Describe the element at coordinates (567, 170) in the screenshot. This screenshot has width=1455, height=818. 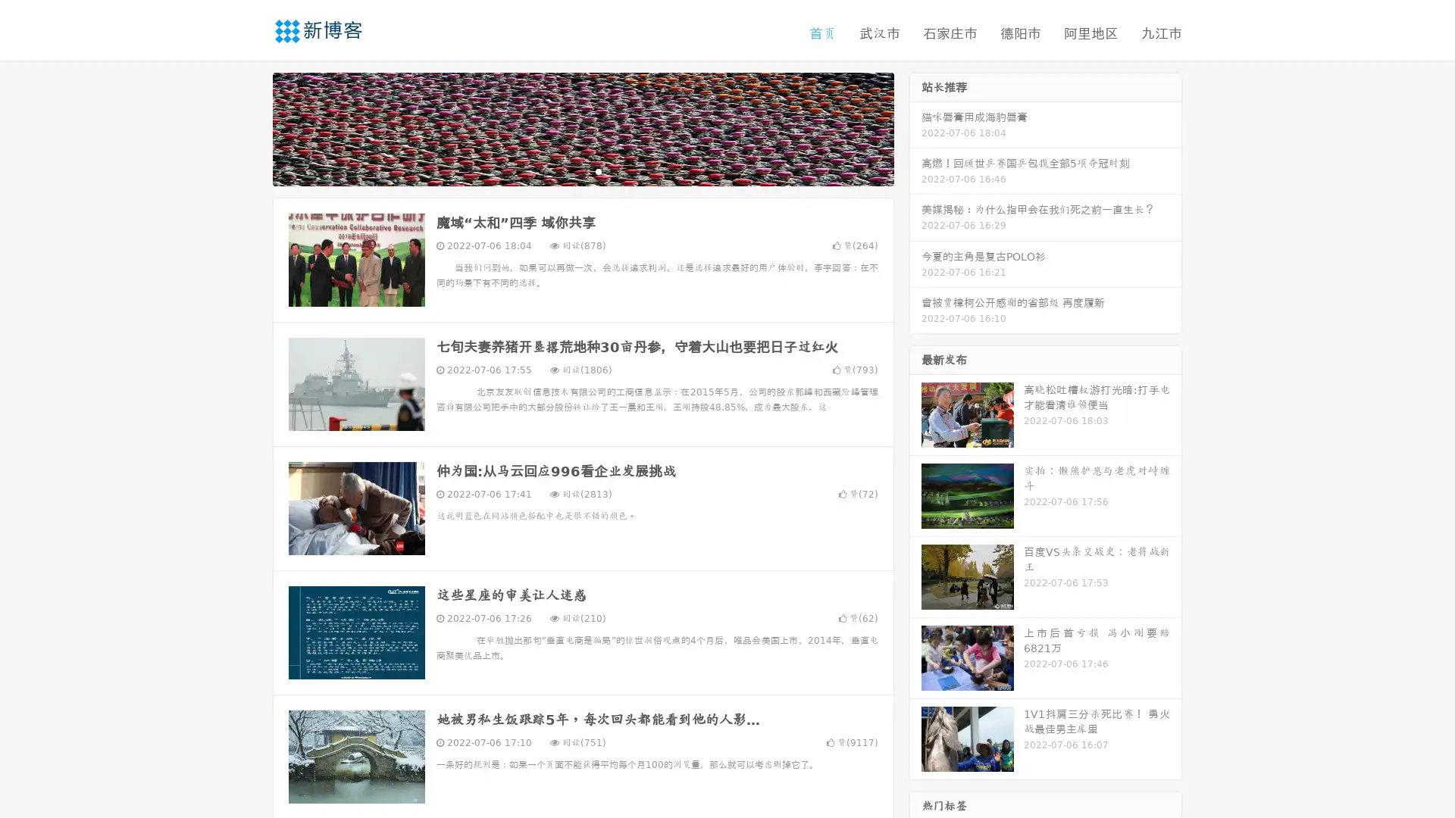
I see `Go to slide 1` at that location.